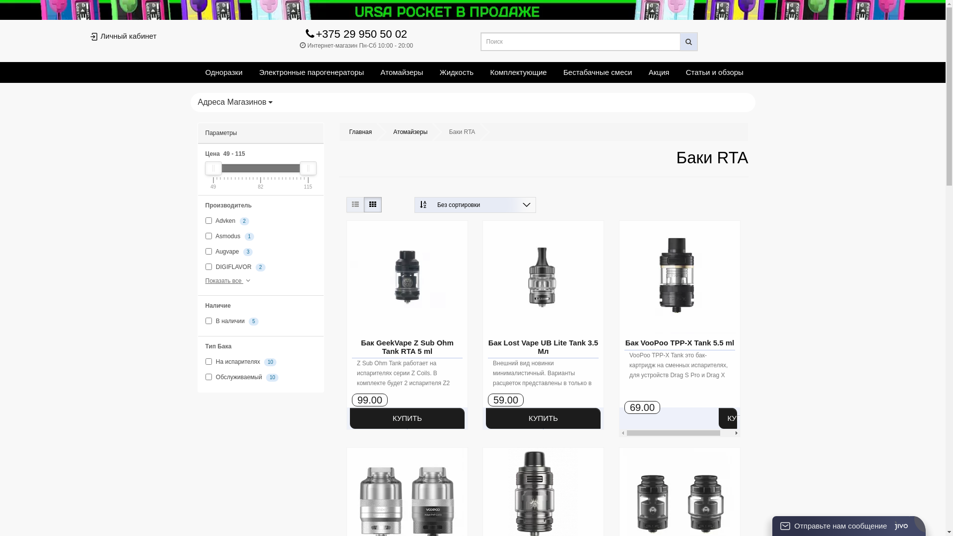 This screenshot has width=953, height=536. Describe the element at coordinates (356, 35) in the screenshot. I see `'+375 29 950 50 02'` at that location.